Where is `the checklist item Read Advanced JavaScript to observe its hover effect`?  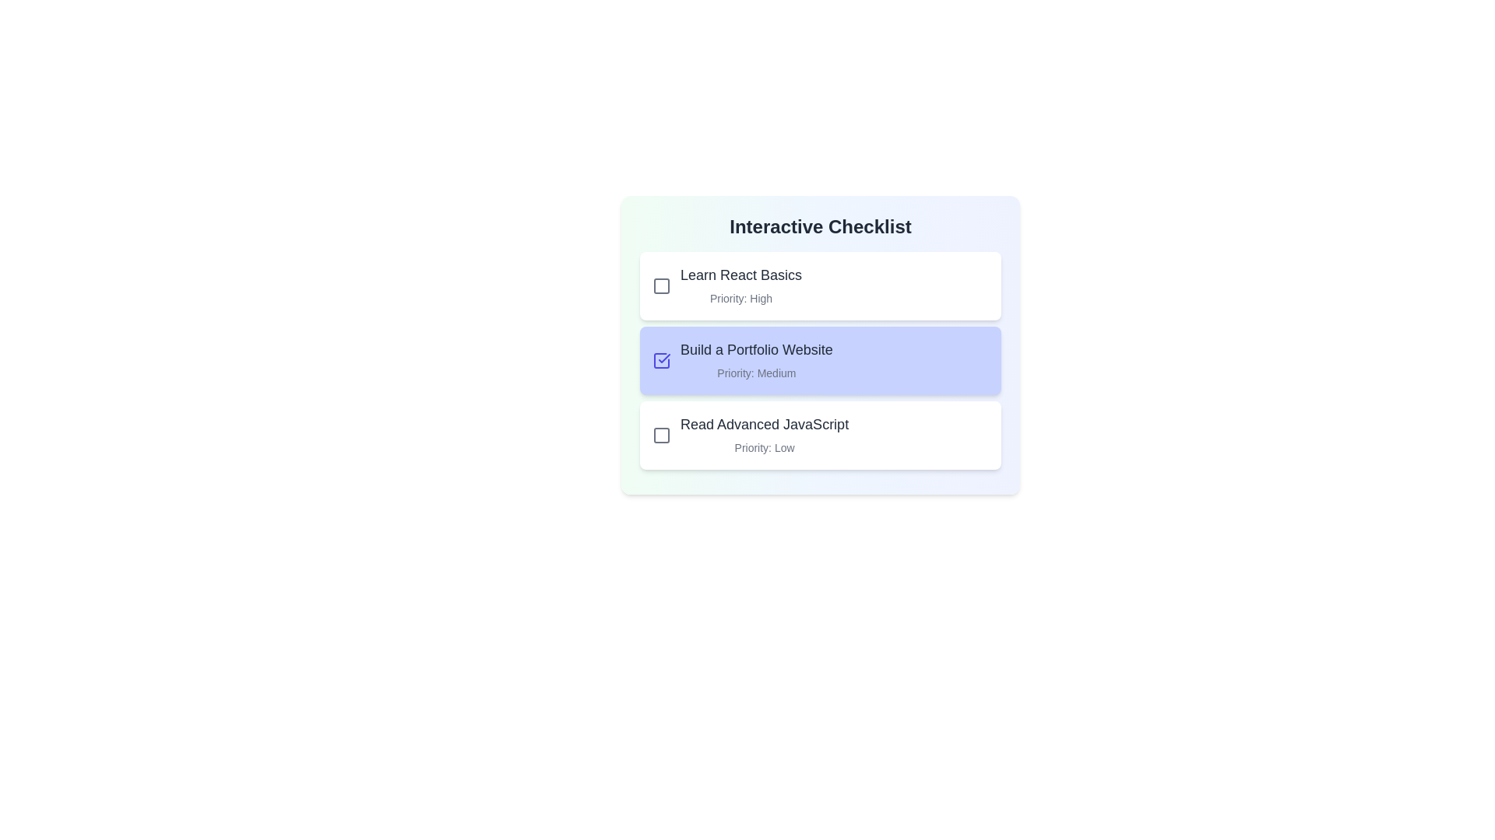
the checklist item Read Advanced JavaScript to observe its hover effect is located at coordinates (820, 435).